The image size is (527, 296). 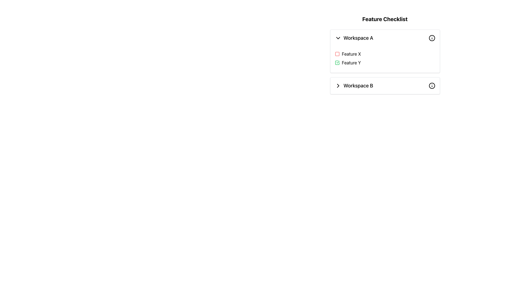 What do you see at coordinates (351, 54) in the screenshot?
I see `the static text label that indicates the associated feature for the checkbox in the 'Feature Checklist' of 'Workspace A'` at bounding box center [351, 54].